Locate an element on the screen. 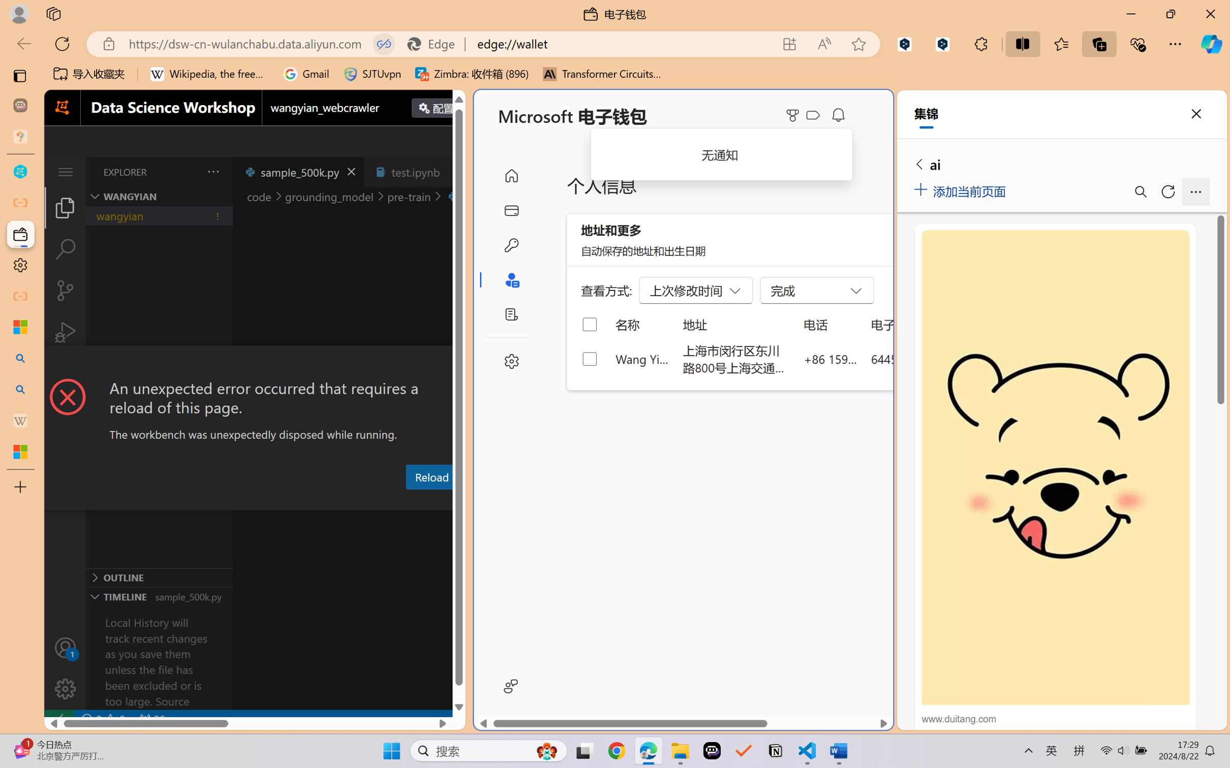 This screenshot has width=1230, height=768. 'Source Control (Ctrl+Shift+G)' is located at coordinates (65, 291).